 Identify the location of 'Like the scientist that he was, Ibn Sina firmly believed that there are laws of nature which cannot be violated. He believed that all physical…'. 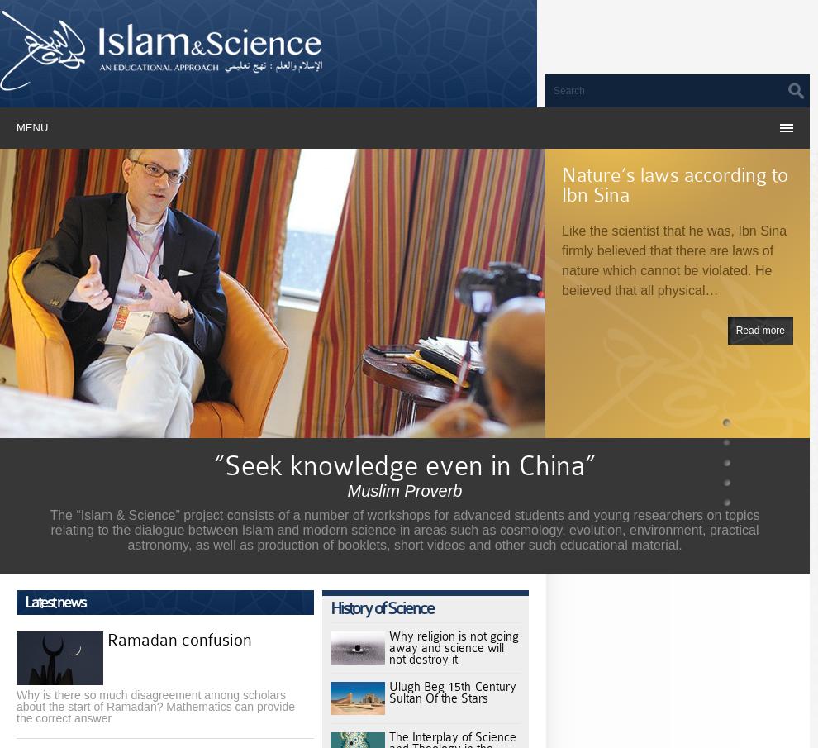
(673, 260).